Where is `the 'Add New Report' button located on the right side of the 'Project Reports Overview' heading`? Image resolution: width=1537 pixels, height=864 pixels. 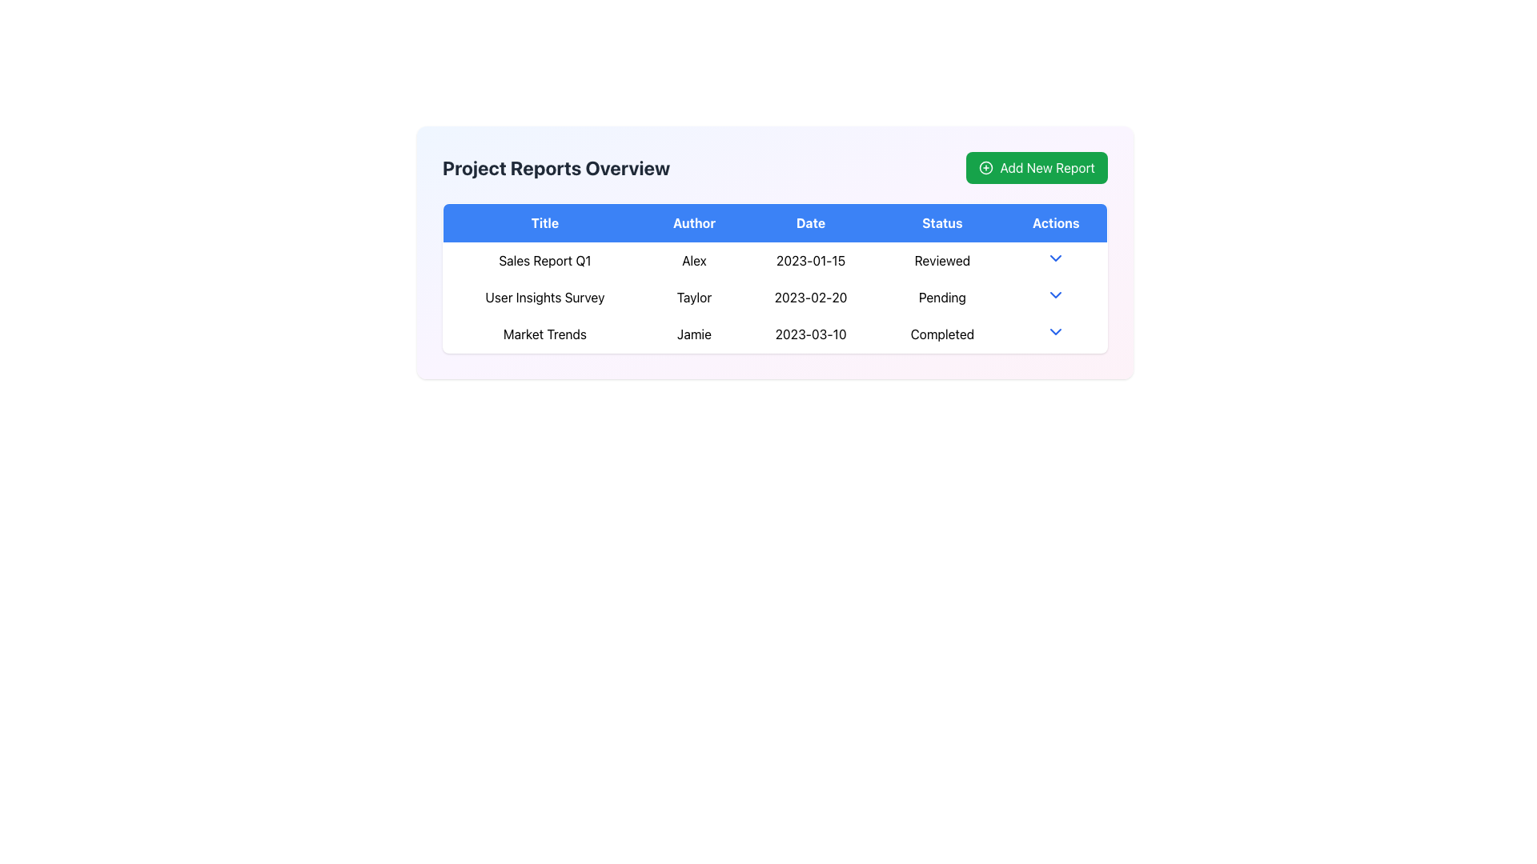
the 'Add New Report' button located on the right side of the 'Project Reports Overview' heading is located at coordinates (1037, 167).